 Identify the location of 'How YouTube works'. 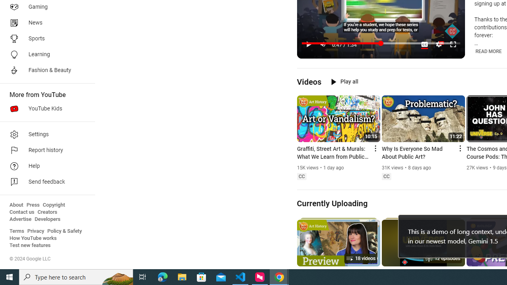
(32, 238).